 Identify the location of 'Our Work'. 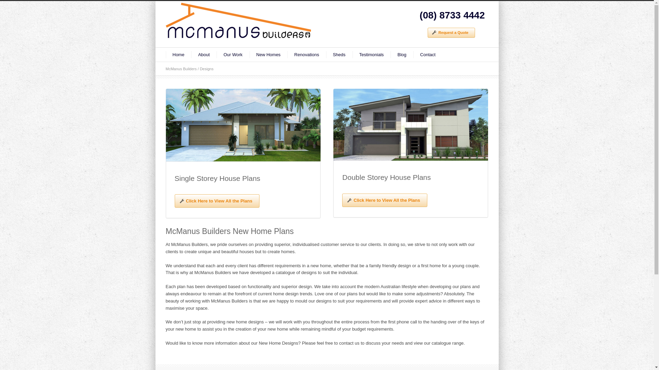
(233, 54).